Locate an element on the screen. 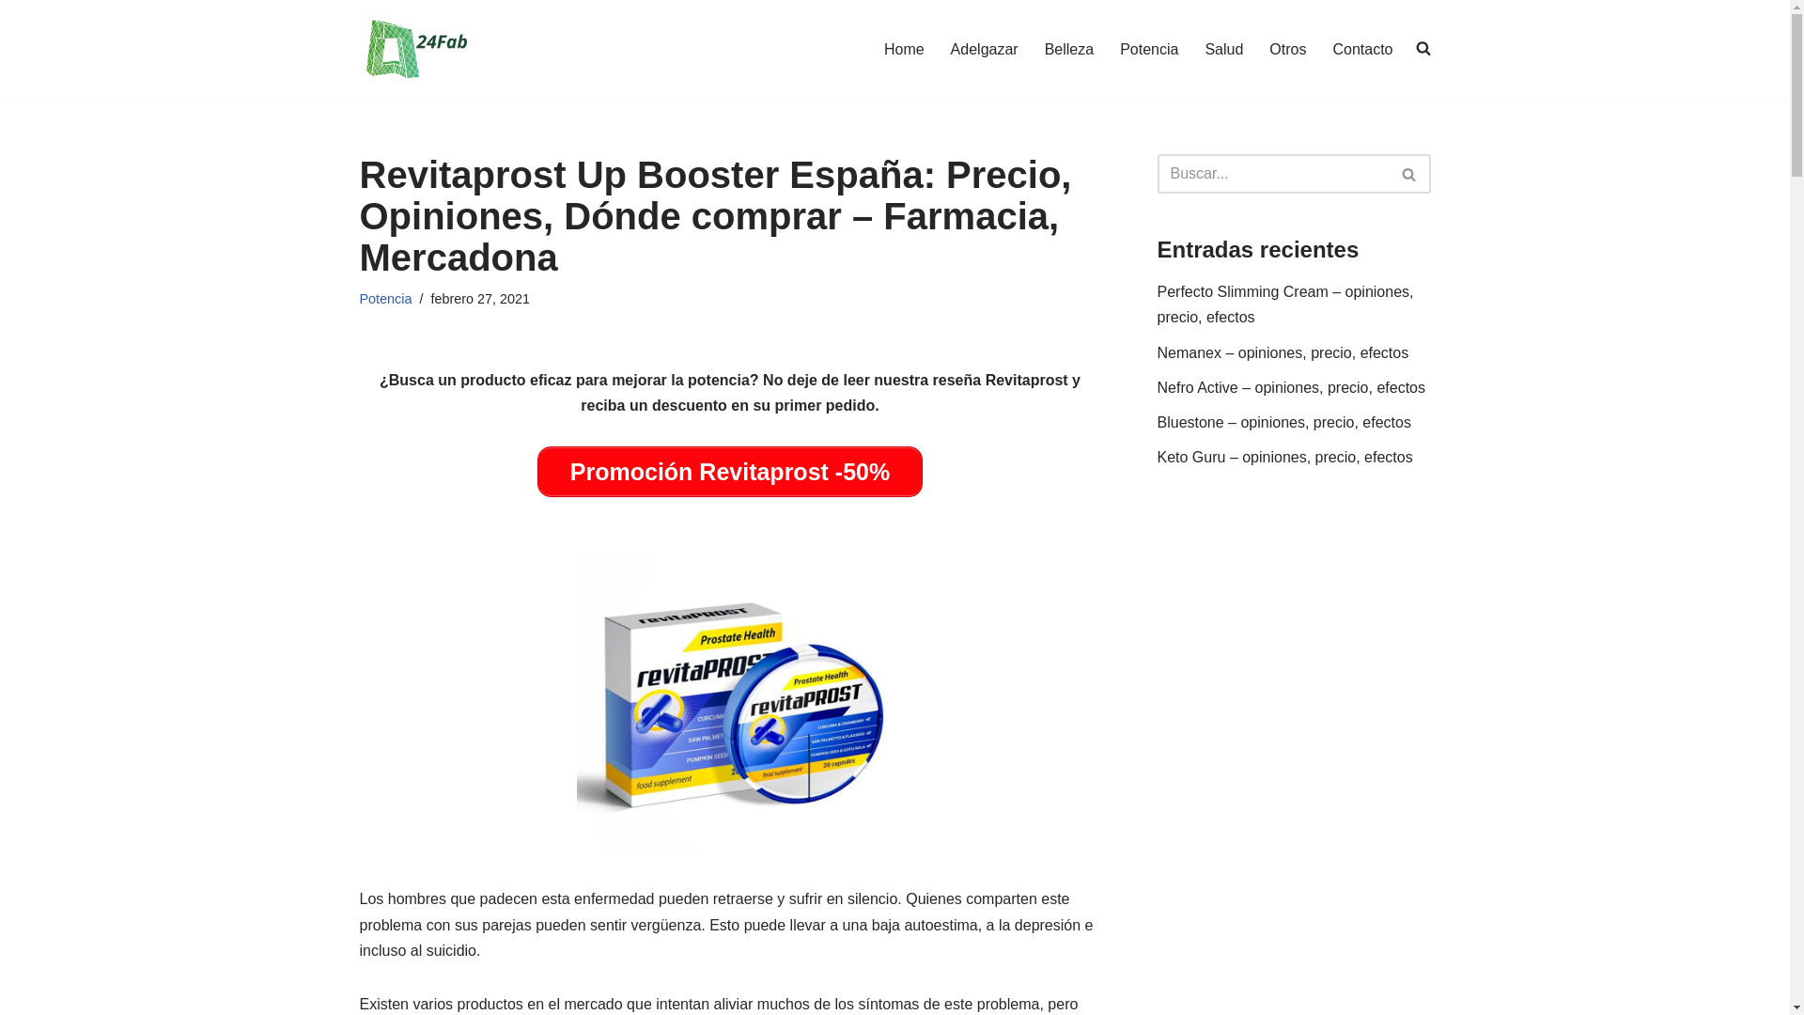  'Saltar al contenido' is located at coordinates (13, 39).